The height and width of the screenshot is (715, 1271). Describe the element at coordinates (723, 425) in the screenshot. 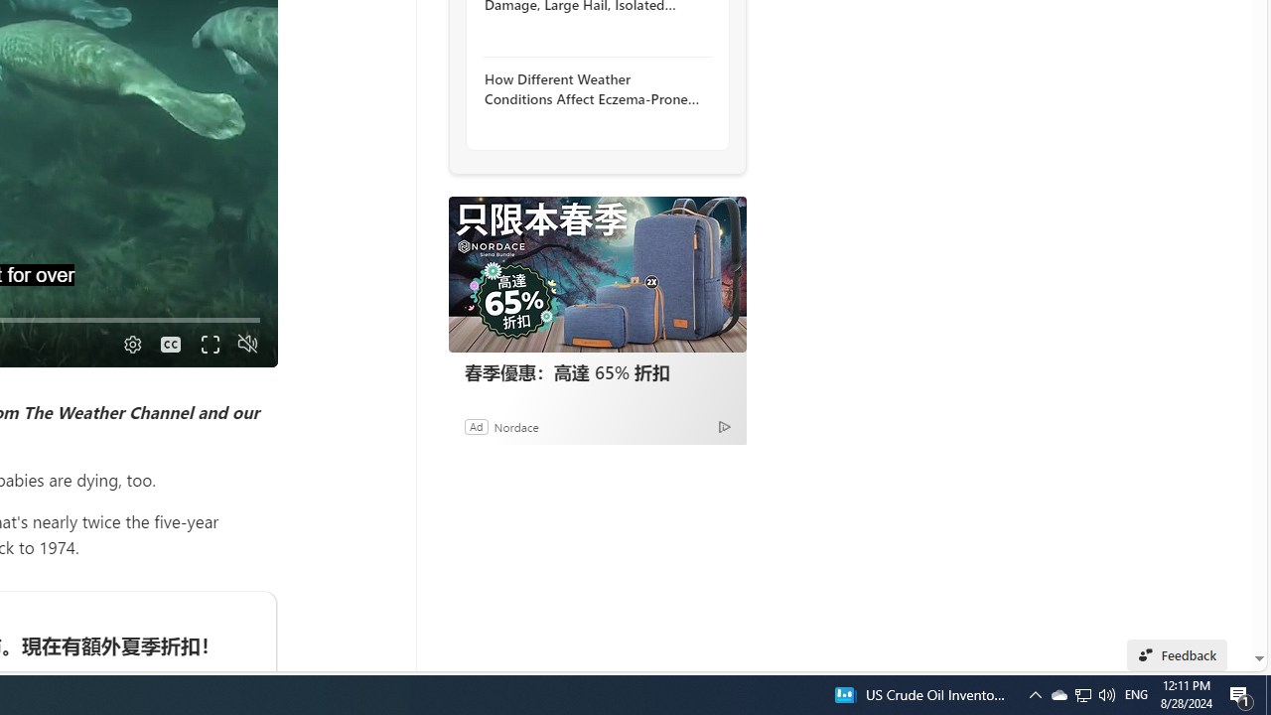

I see `'Ad Choice'` at that location.